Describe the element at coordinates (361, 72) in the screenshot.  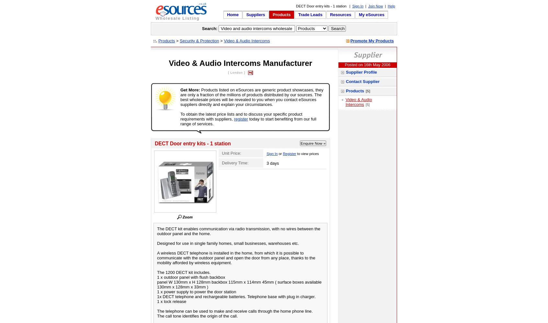
I see `'Supplier Profile'` at that location.